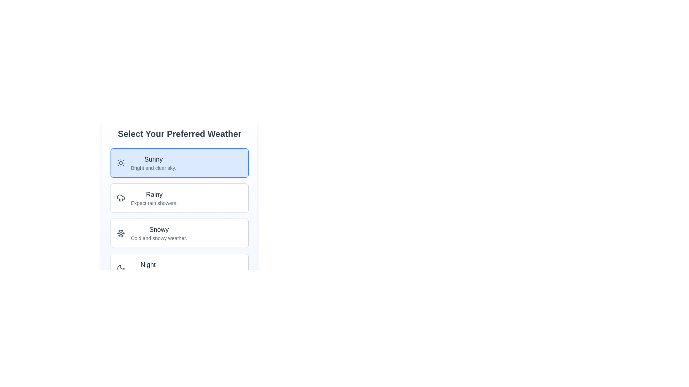 The image size is (689, 387). What do you see at coordinates (154, 203) in the screenshot?
I see `the descriptive text element located immediately below the 'Rainy' title text in the second weather option group of the 'Select Your Preferred Weather' section` at bounding box center [154, 203].